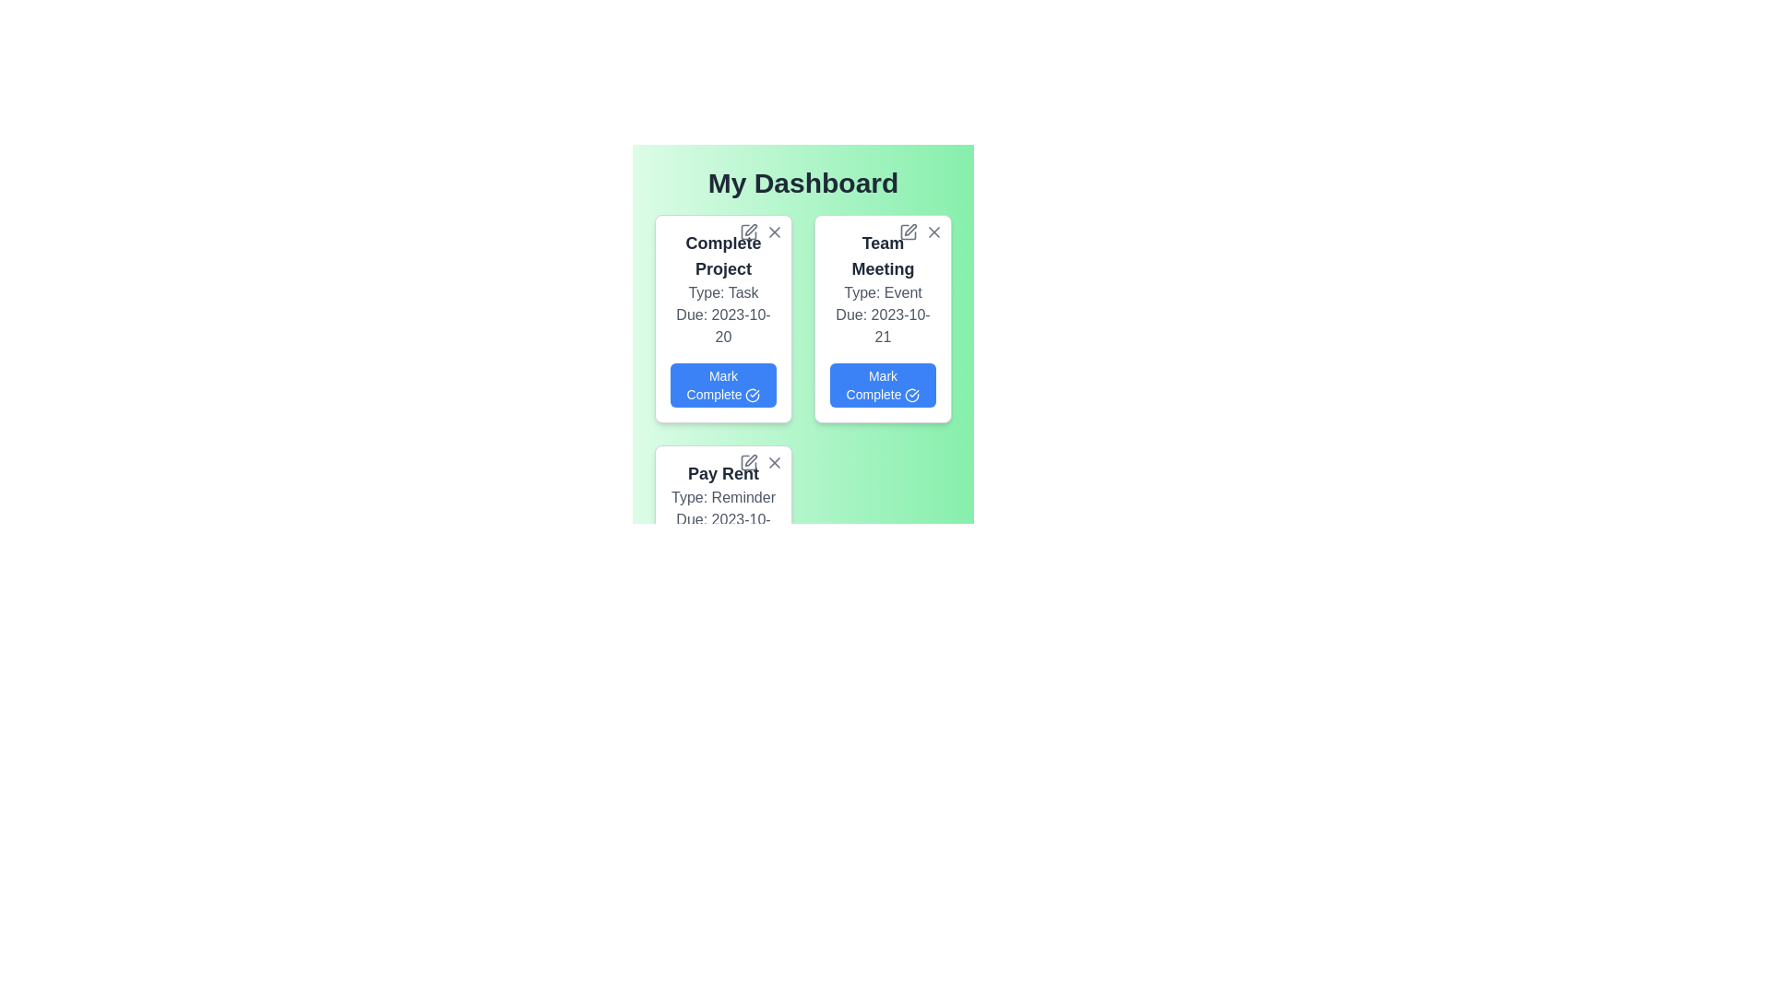  Describe the element at coordinates (882, 291) in the screenshot. I see `the text label providing descriptive information about the type of meeting in the 'Team Meeting' card, located near the center of the lower portion of the text section` at that location.